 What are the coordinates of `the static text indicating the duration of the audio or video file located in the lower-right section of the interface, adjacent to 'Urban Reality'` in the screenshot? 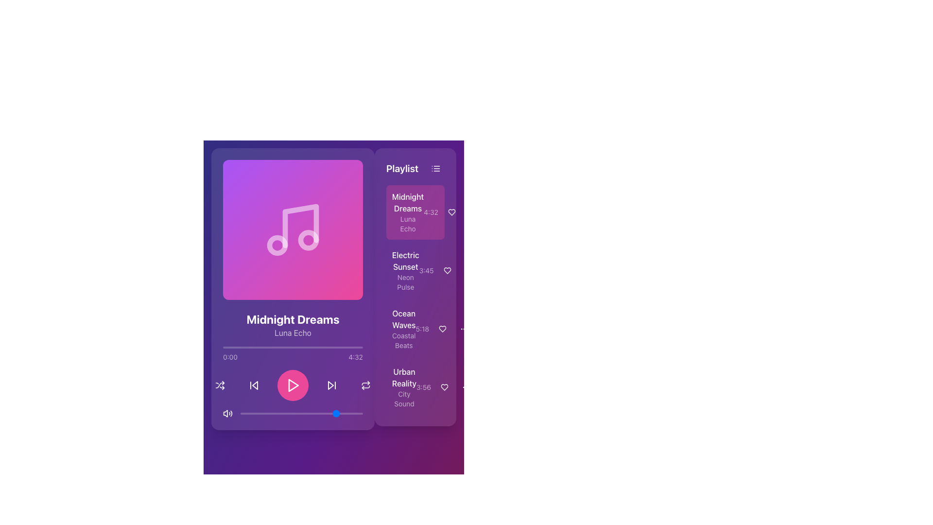 It's located at (424, 387).